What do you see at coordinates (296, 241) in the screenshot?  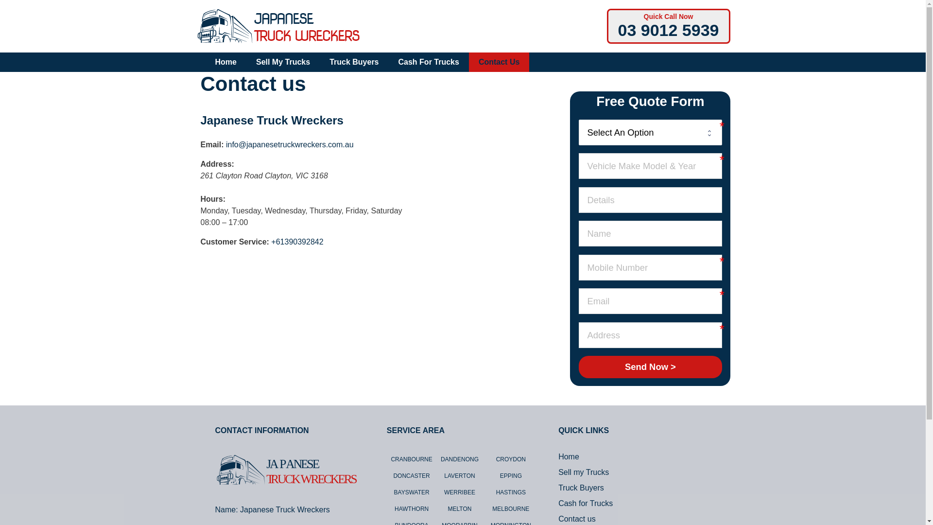 I see `'+61390392842'` at bounding box center [296, 241].